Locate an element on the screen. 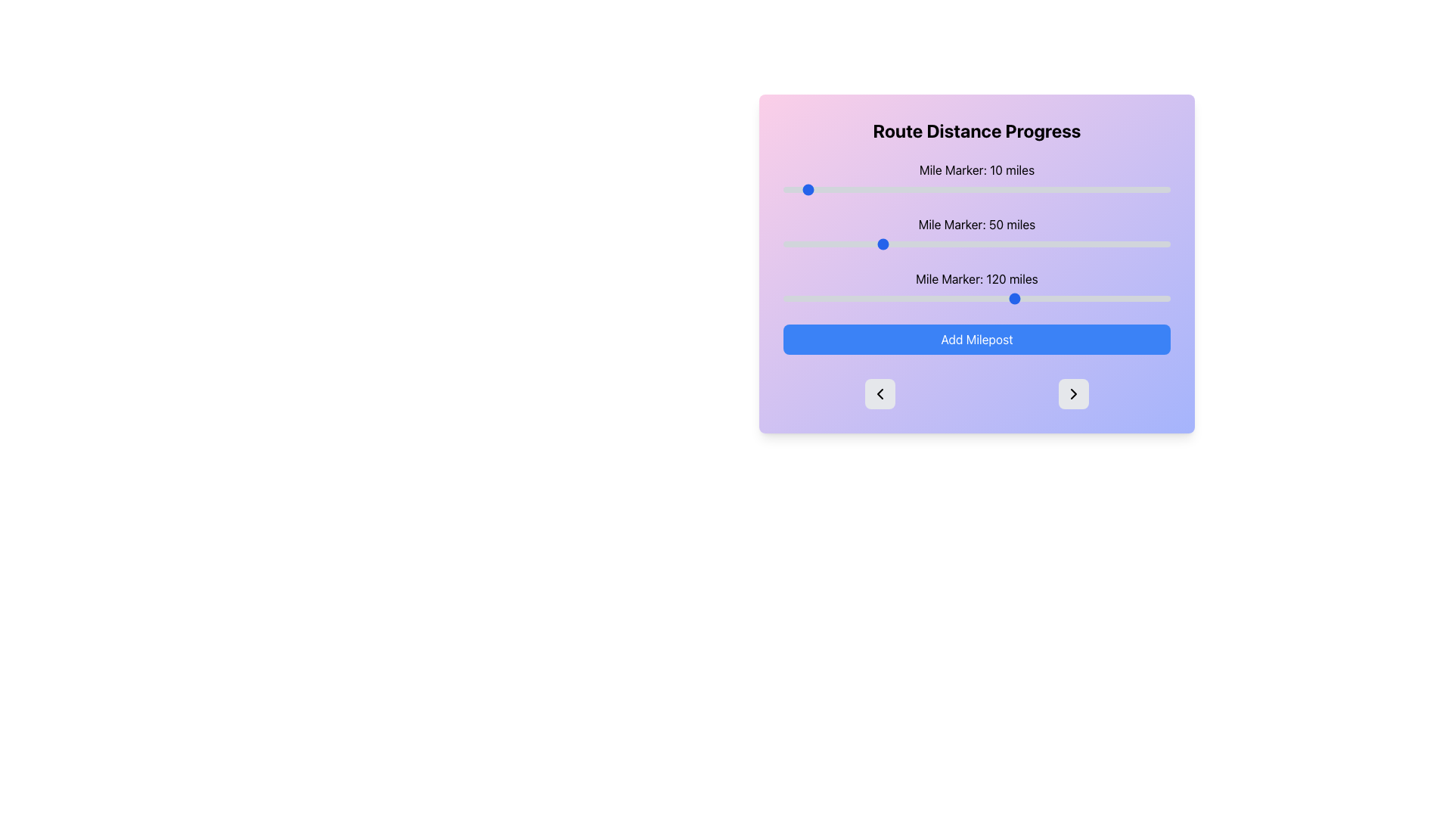 The width and height of the screenshot is (1452, 817). the thumb of the Range slider located below the 'Mile Marker: 10 miles' text is located at coordinates (976, 188).